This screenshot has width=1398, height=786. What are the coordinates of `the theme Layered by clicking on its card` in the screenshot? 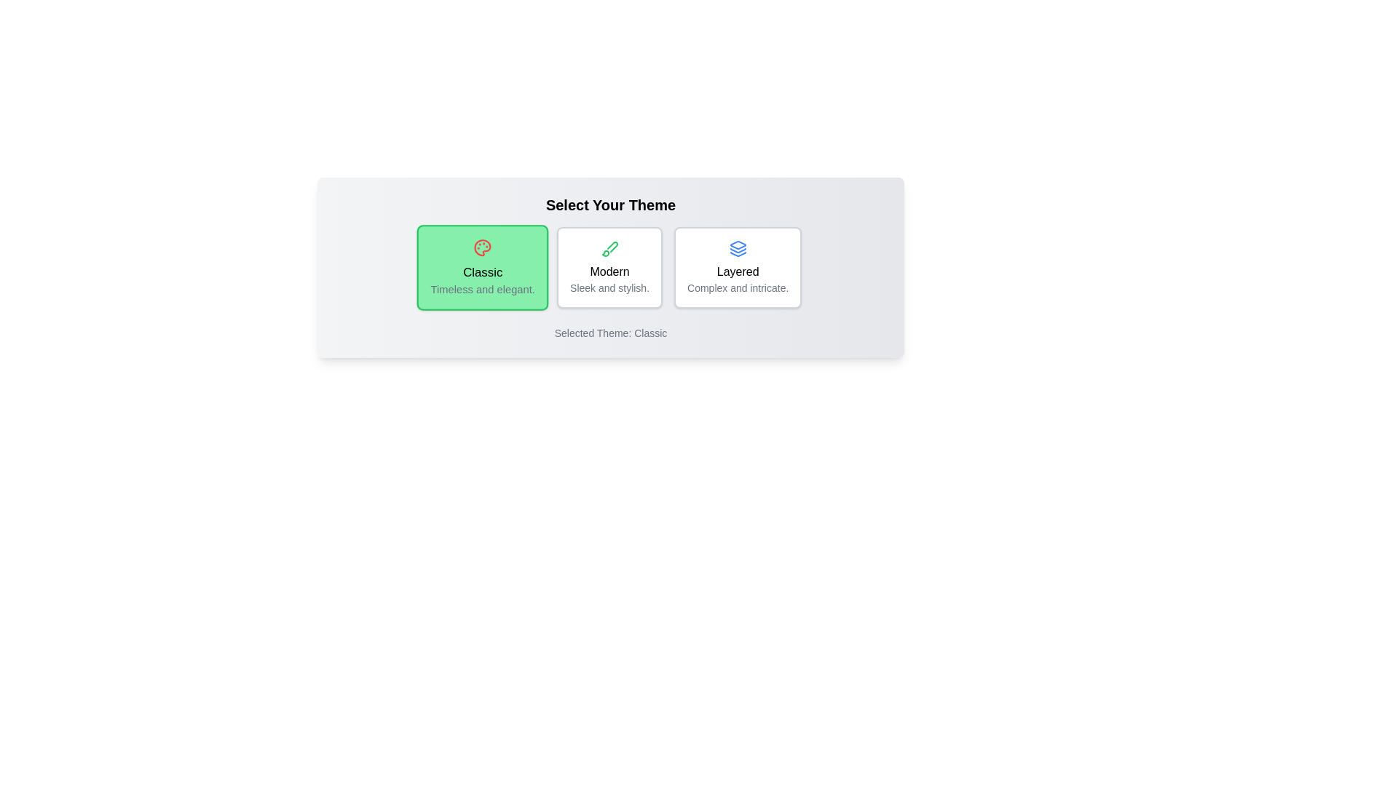 It's located at (738, 267).